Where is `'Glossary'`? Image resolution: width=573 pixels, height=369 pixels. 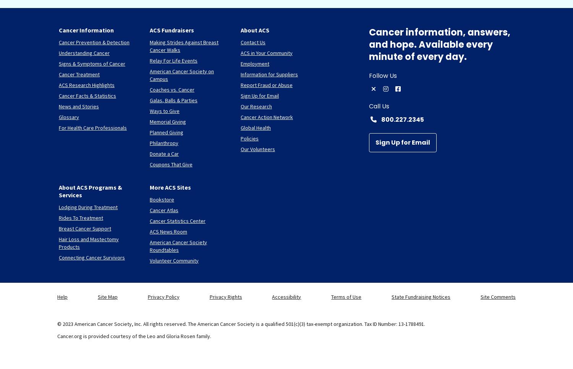
'Glossary' is located at coordinates (69, 116).